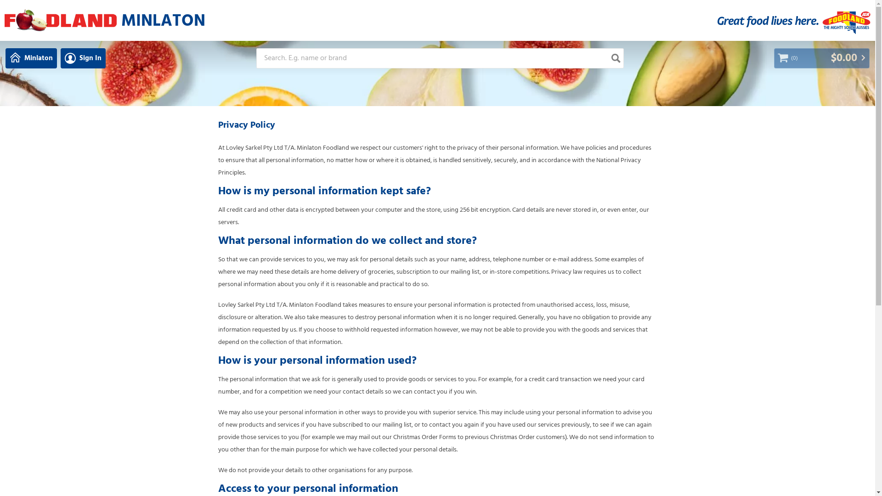 The width and height of the screenshot is (882, 496). I want to click on 'Sign In', so click(60, 58).